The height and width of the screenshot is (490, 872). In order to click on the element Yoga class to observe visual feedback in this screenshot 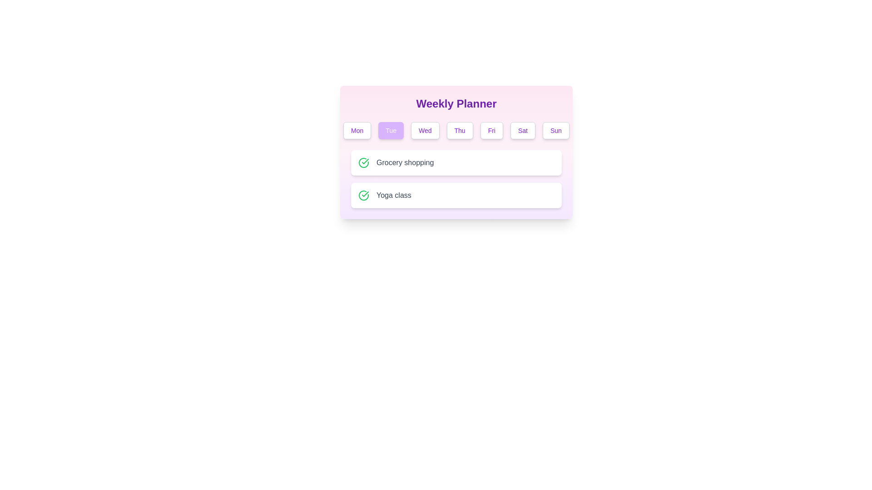, I will do `click(456, 195)`.